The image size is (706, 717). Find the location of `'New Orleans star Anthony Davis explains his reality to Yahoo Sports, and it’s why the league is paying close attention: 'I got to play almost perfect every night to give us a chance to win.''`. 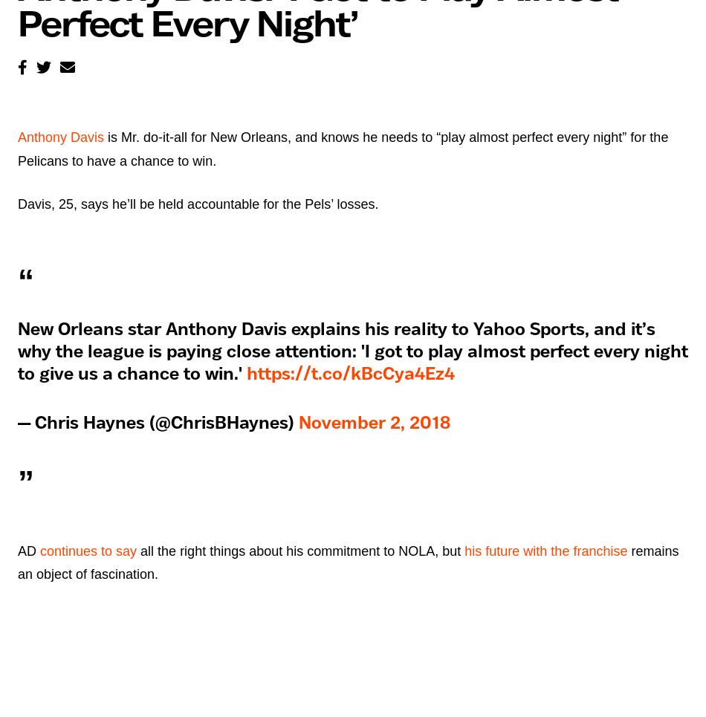

'New Orleans star Anthony Davis explains his reality to Yahoo Sports, and it’s why the league is paying close attention: 'I got to play almost perfect every night to give us a chance to win.'' is located at coordinates (353, 351).